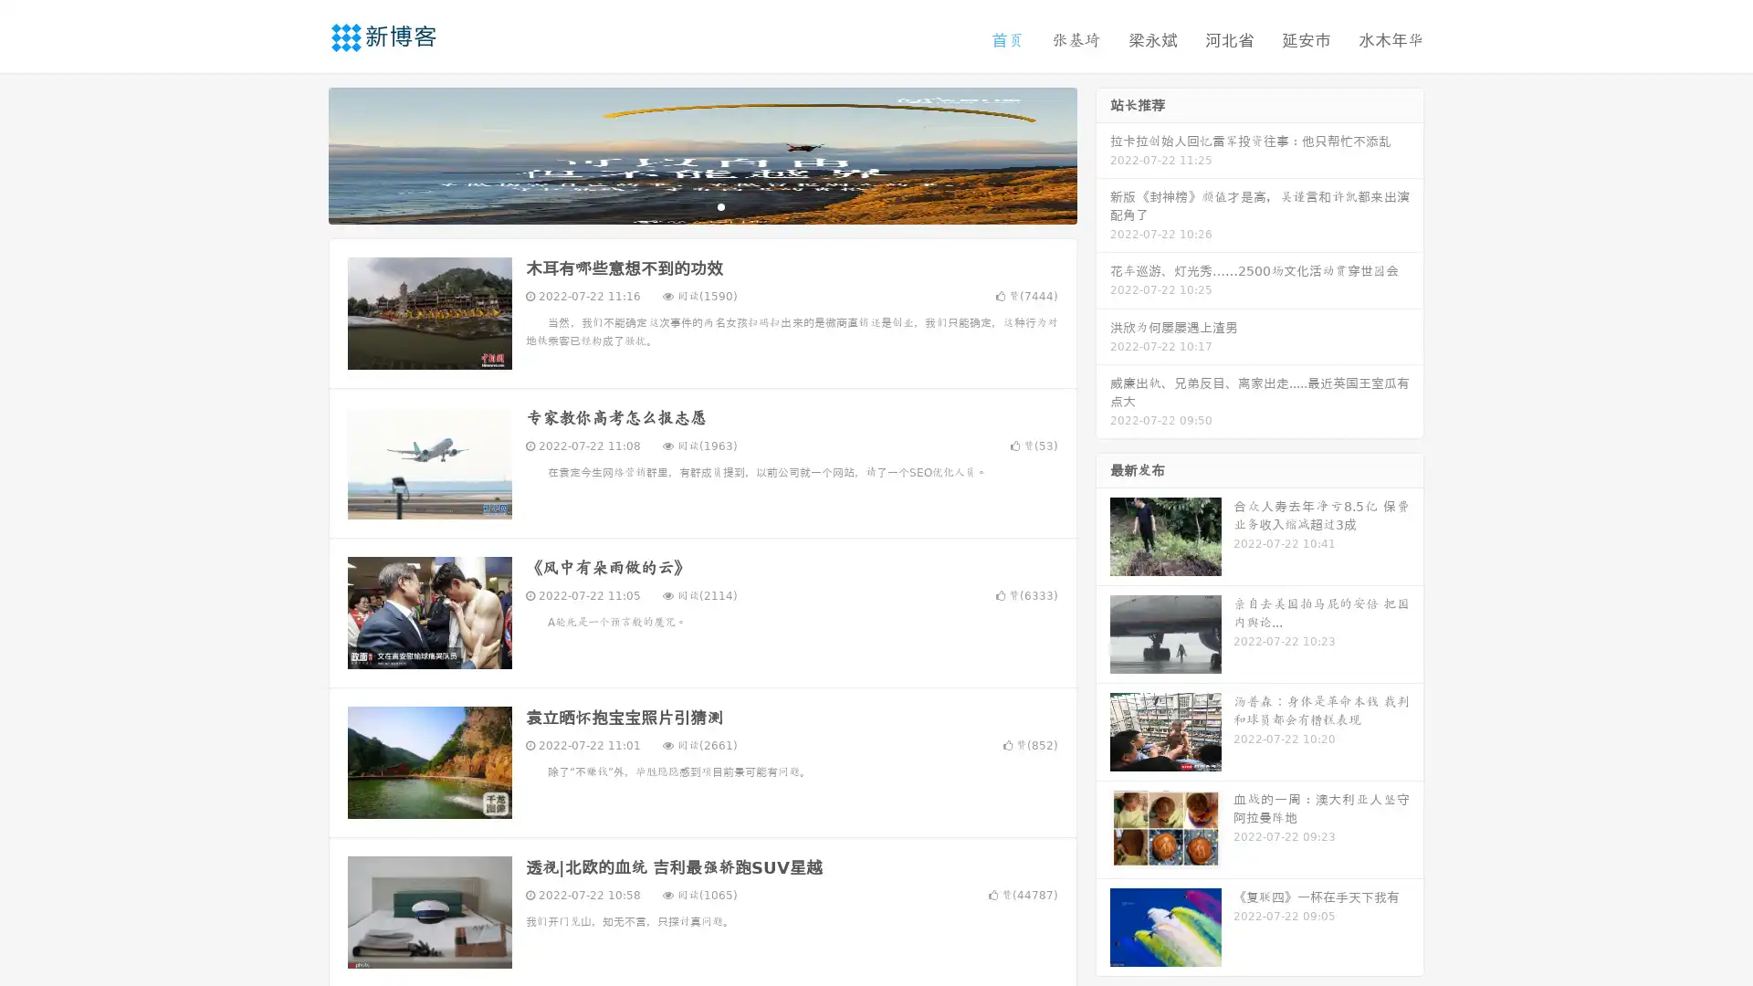 This screenshot has height=986, width=1753. I want to click on Previous slide, so click(301, 153).